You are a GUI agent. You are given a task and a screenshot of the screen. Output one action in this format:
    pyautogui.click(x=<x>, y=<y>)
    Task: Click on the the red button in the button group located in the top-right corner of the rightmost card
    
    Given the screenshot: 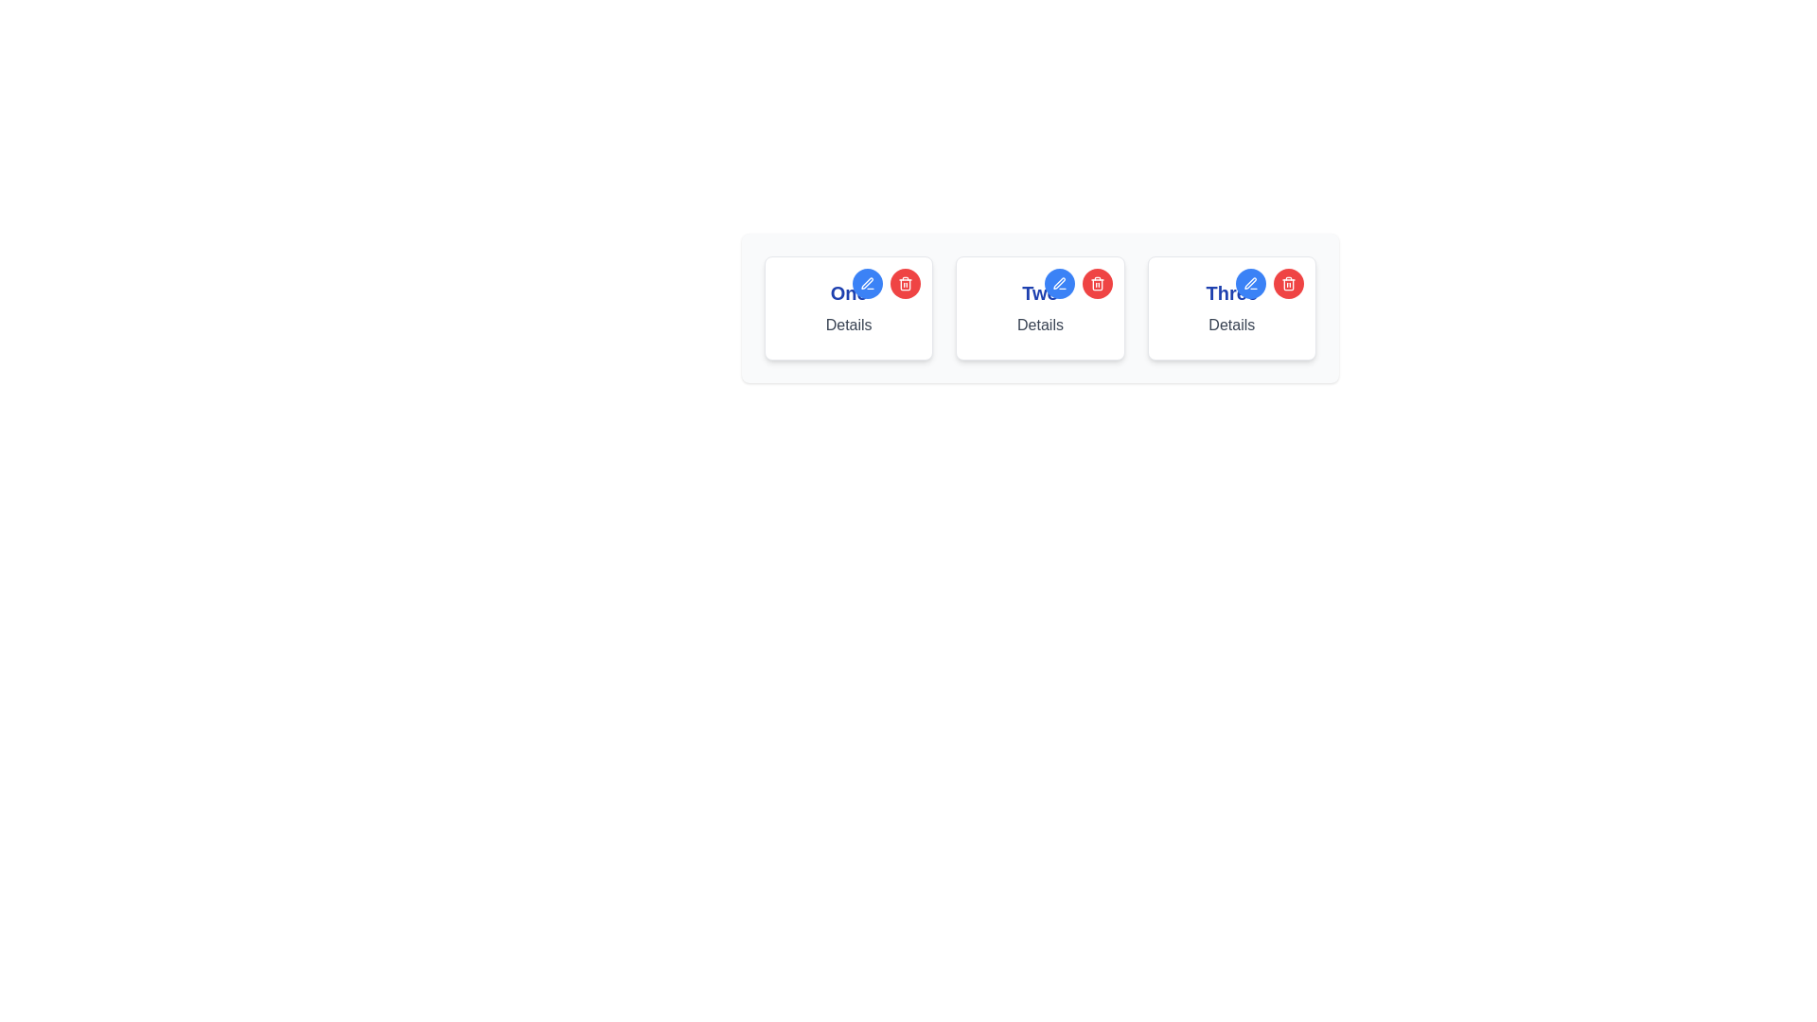 What is the action you would take?
    pyautogui.click(x=1269, y=284)
    